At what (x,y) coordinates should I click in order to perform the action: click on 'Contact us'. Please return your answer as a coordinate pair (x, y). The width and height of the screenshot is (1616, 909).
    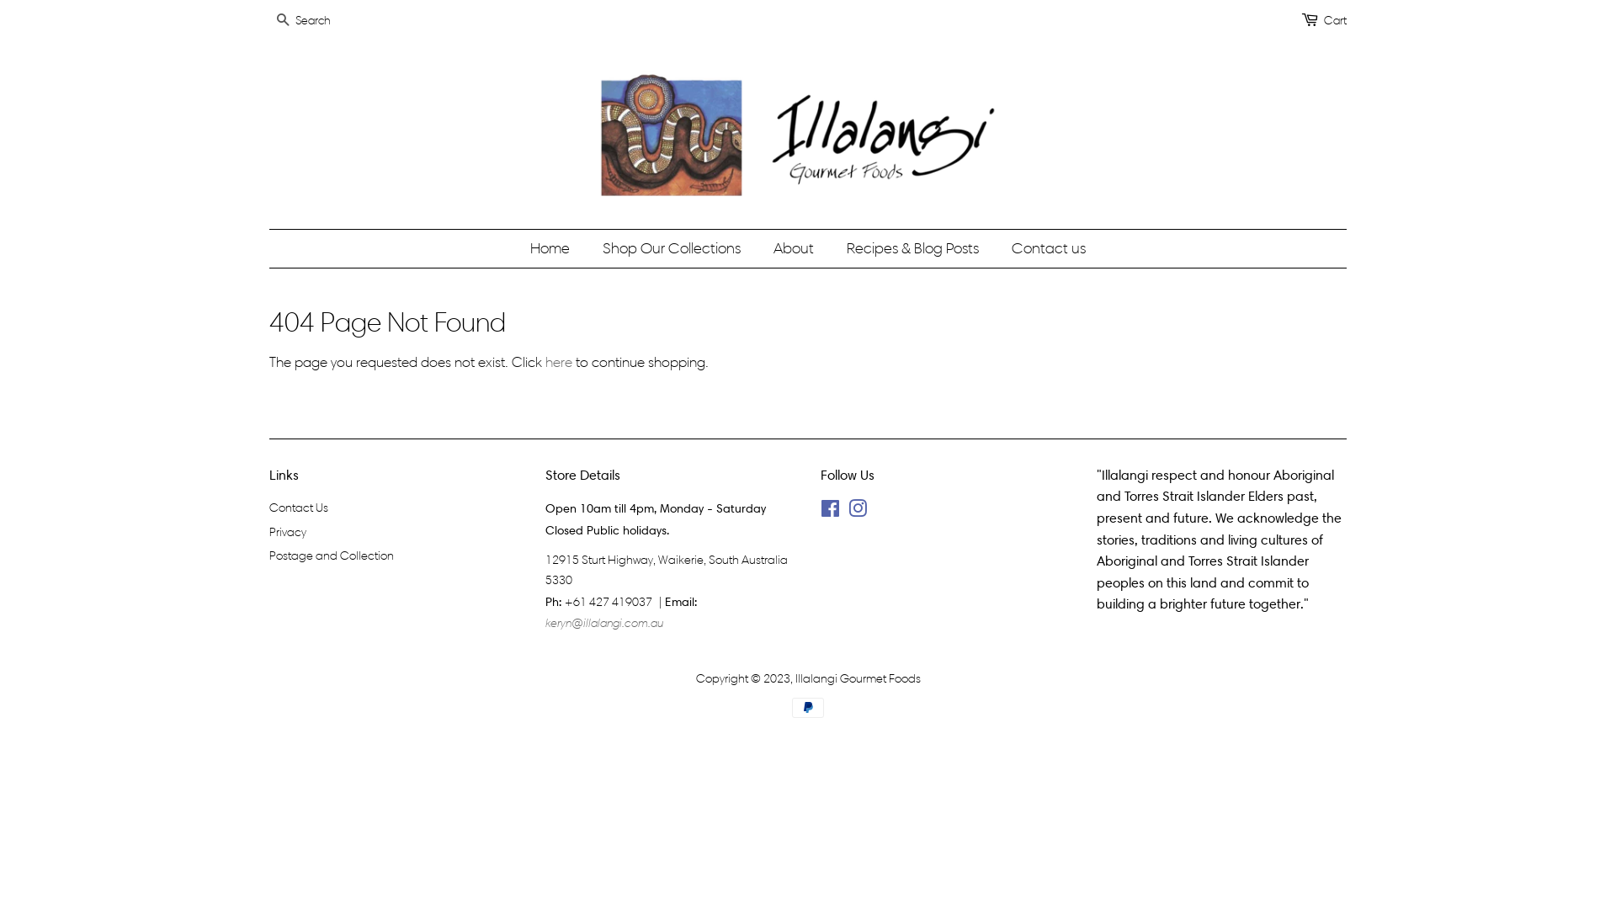
    Looking at the image, I should click on (1041, 248).